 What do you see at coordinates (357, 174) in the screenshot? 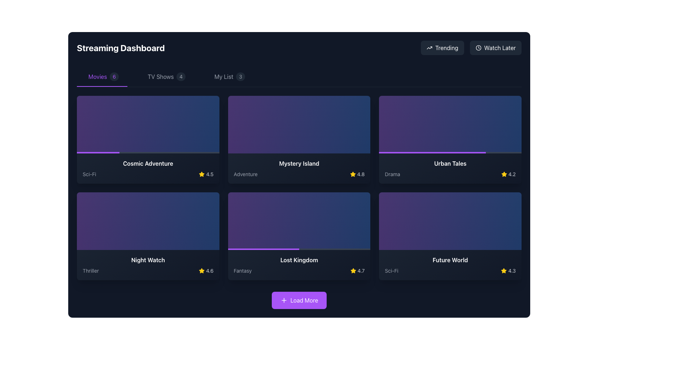
I see `rating value displayed on the yellow star icon followed by the text '4.8' in the bottom-right corner of the 'Mystery Island' card` at bounding box center [357, 174].